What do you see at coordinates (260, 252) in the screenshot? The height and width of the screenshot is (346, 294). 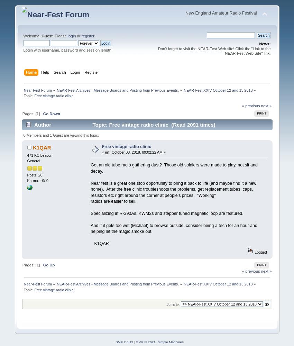 I see `'Logged'` at bounding box center [260, 252].